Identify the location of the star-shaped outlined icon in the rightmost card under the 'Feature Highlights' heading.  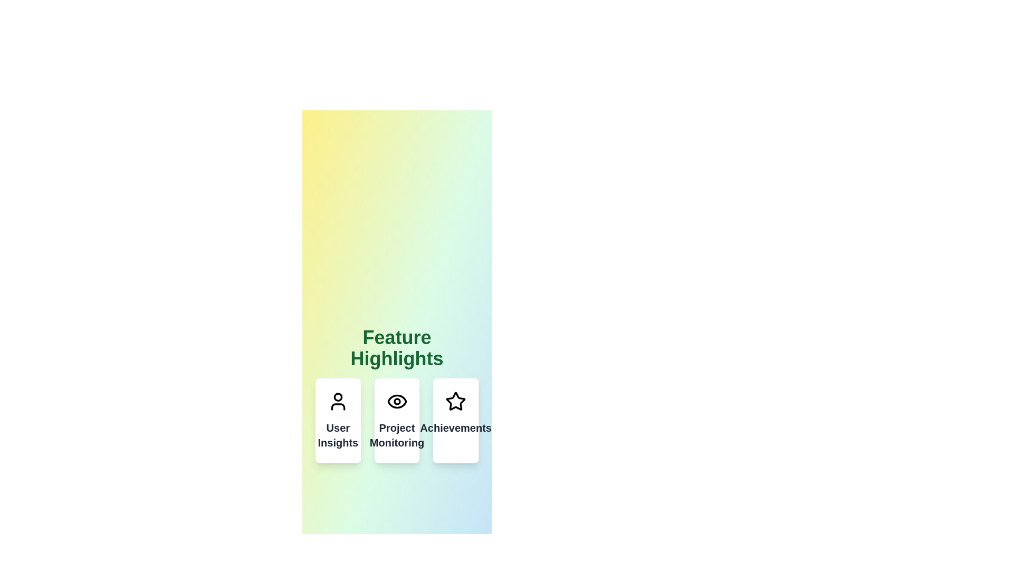
(456, 401).